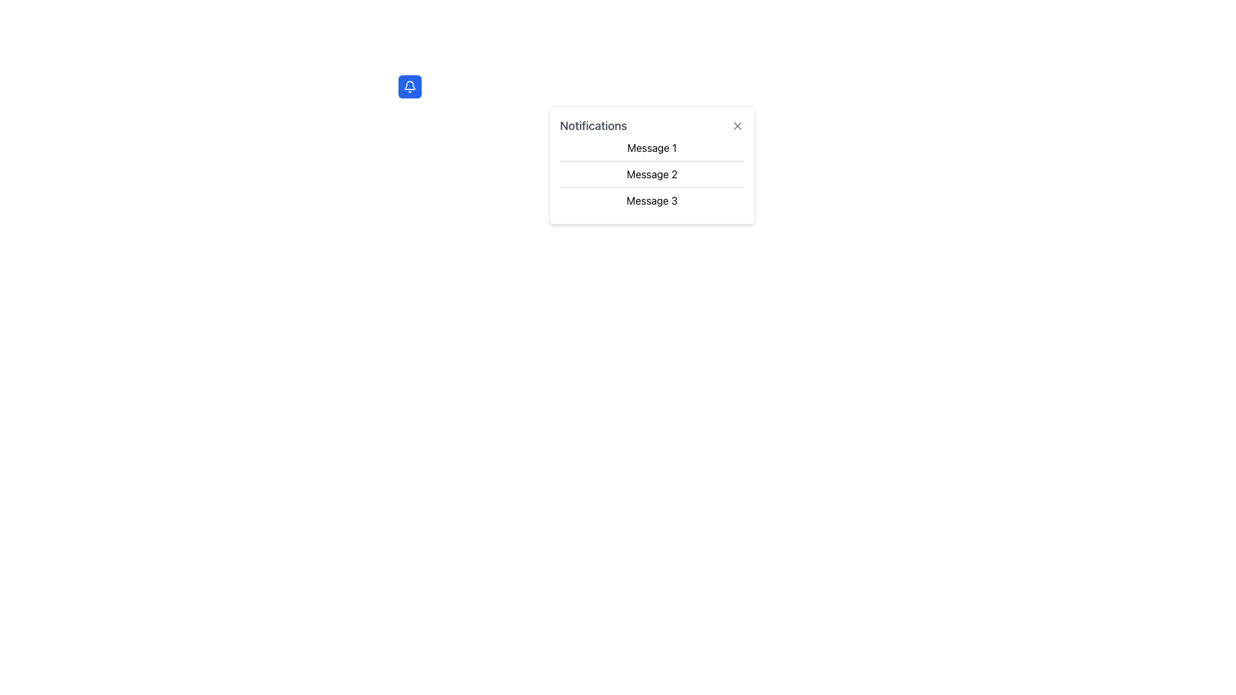 The width and height of the screenshot is (1236, 695). I want to click on the close button located in the top-right corner of the notification card, so click(738, 126).